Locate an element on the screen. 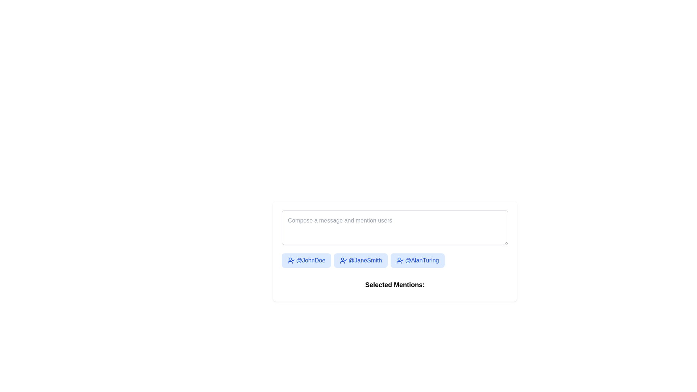  the text label 'Selected Mentions:' which is styled in bold and located at the bottom of the panel containing user mentions is located at coordinates (395, 282).